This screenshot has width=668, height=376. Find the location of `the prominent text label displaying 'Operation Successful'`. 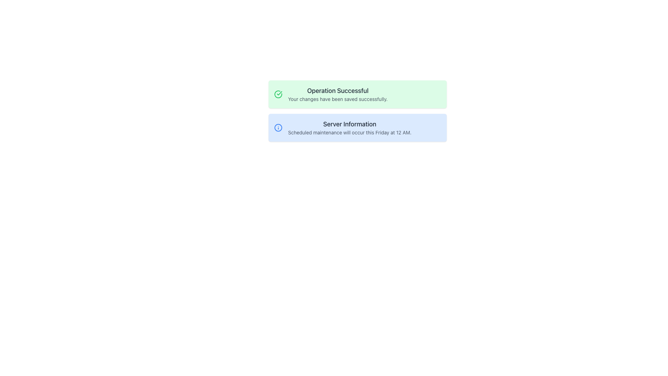

the prominent text label displaying 'Operation Successful' is located at coordinates (338, 91).